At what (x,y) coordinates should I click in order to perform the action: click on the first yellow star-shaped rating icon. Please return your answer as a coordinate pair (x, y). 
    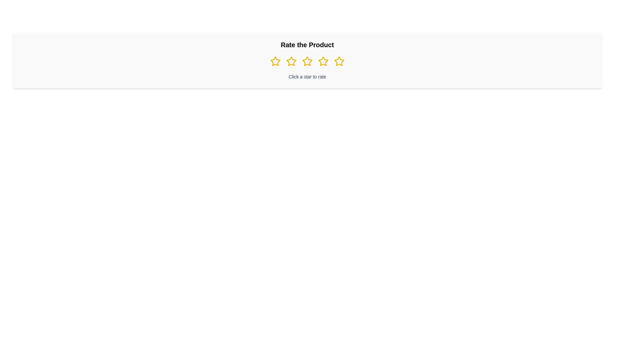
    Looking at the image, I should click on (275, 61).